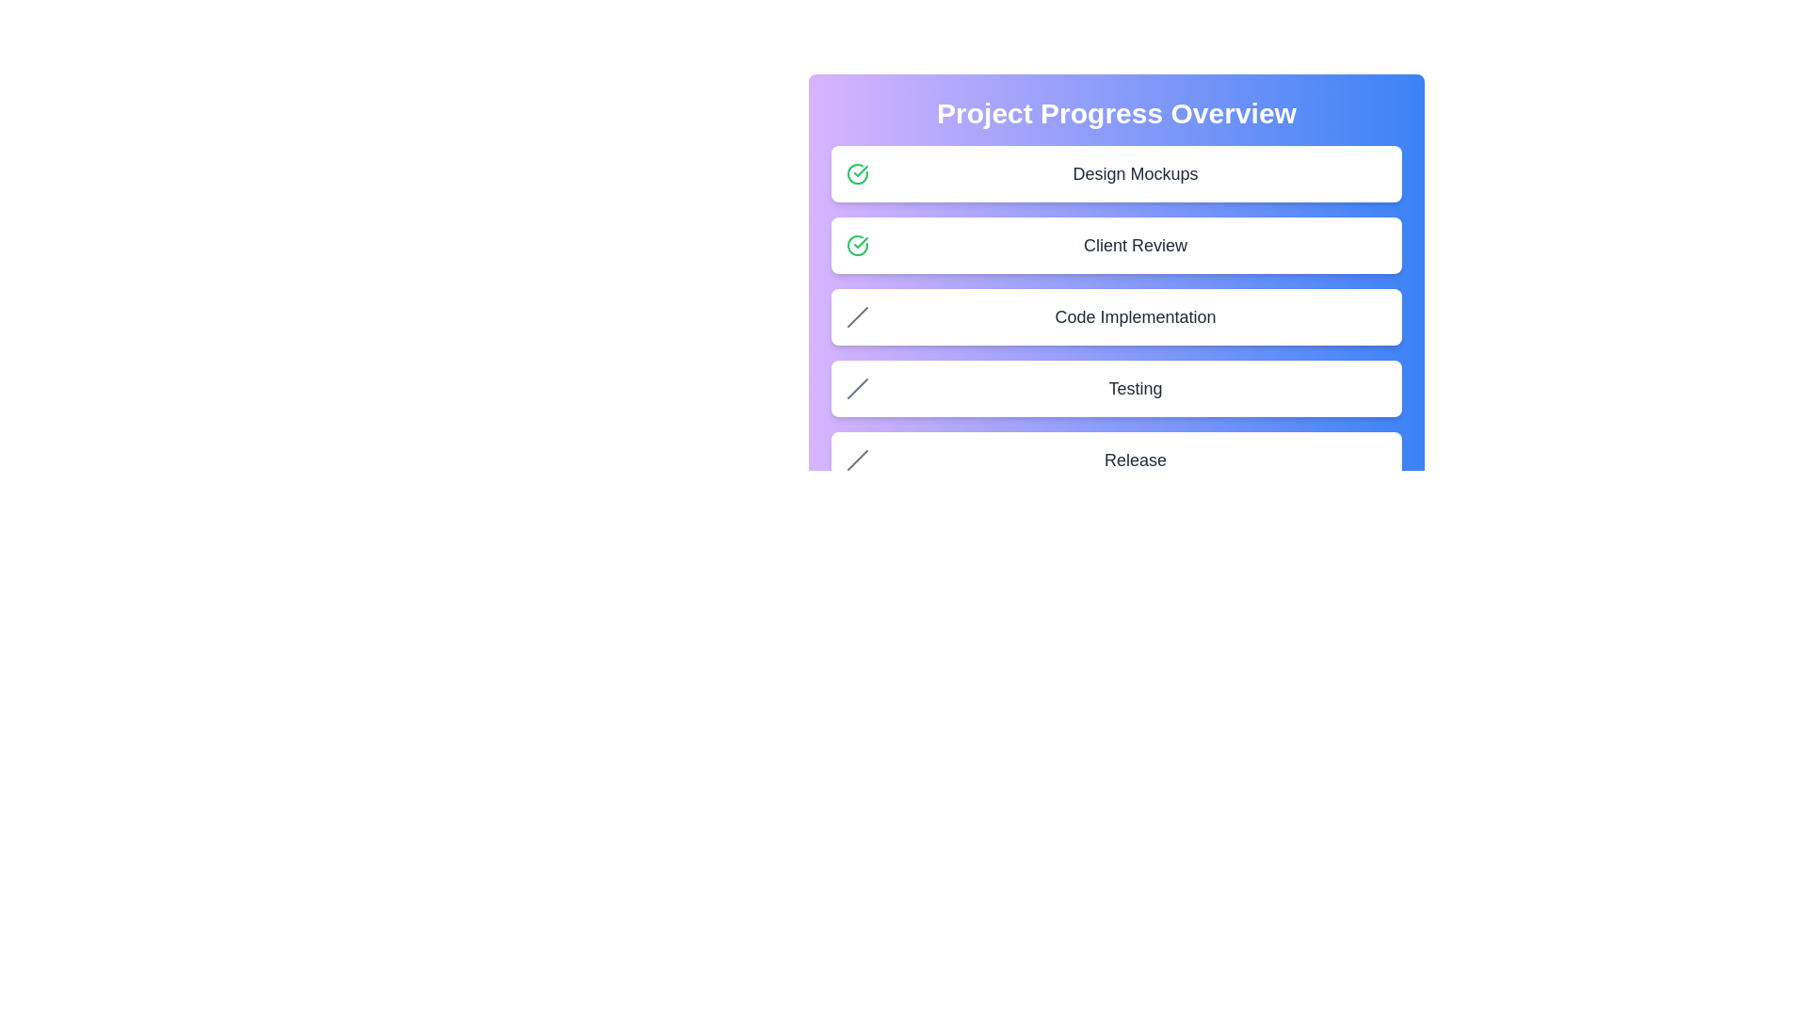 The height and width of the screenshot is (1017, 1808). What do you see at coordinates (1116, 261) in the screenshot?
I see `the second list item block labeled 'Client Review' with a green checkmark` at bounding box center [1116, 261].